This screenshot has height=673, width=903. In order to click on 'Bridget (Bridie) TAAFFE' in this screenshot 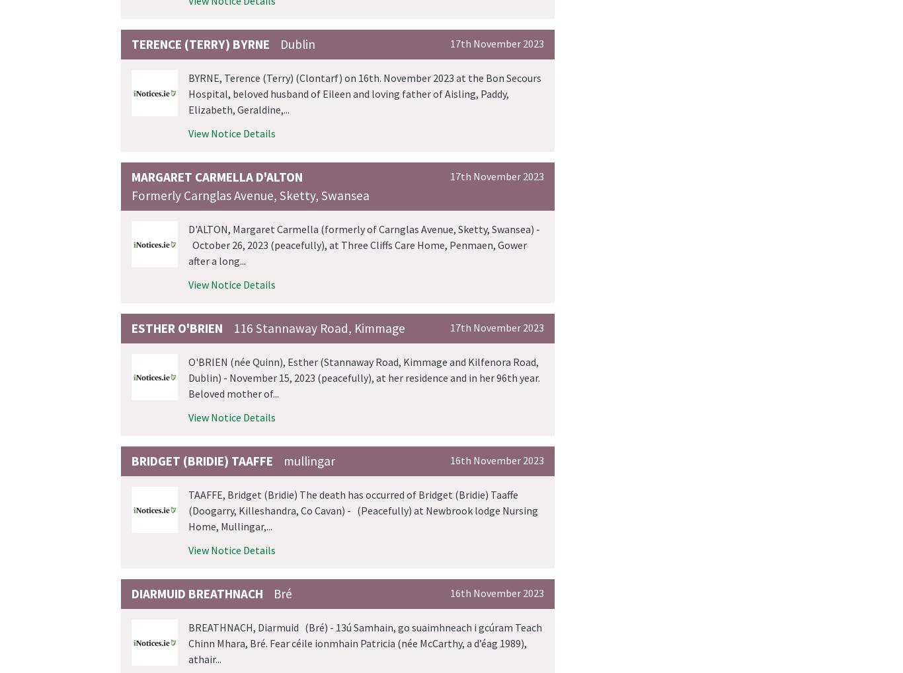, I will do `click(202, 461)`.